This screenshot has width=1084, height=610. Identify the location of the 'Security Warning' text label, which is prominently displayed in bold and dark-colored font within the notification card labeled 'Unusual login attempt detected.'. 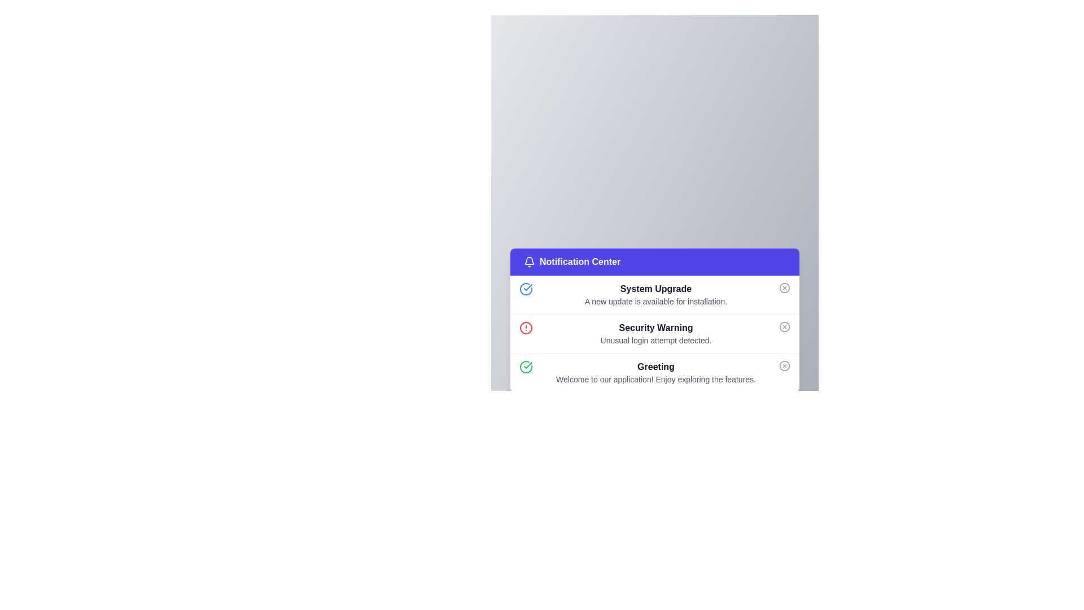
(655, 328).